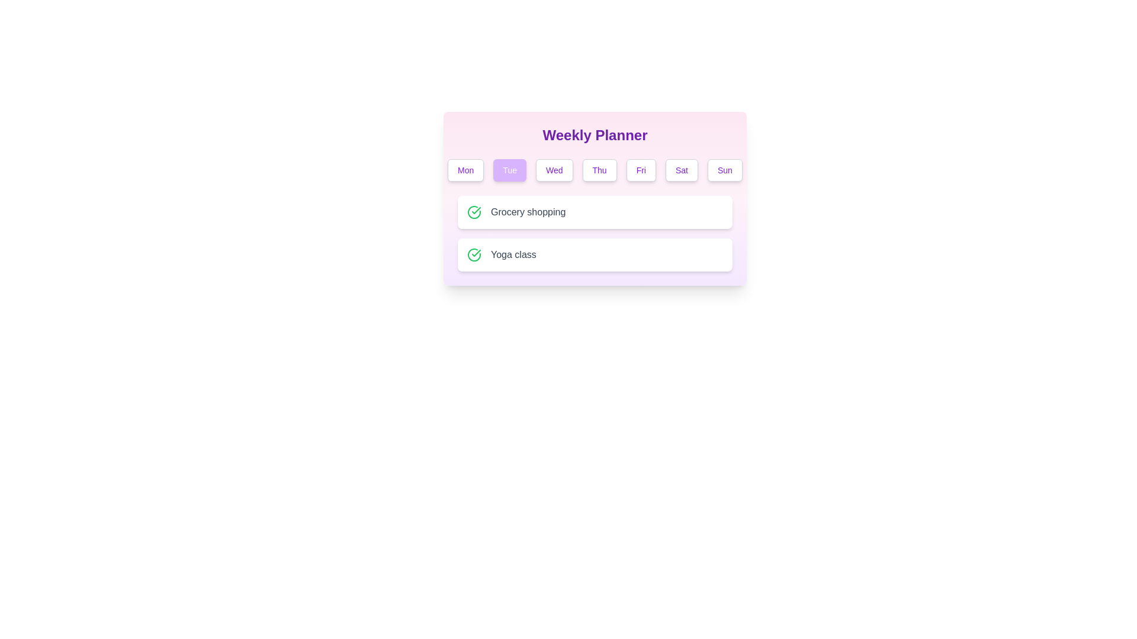 Image resolution: width=1137 pixels, height=639 pixels. What do you see at coordinates (640, 170) in the screenshot?
I see `the button corresponding to Fri to select it` at bounding box center [640, 170].